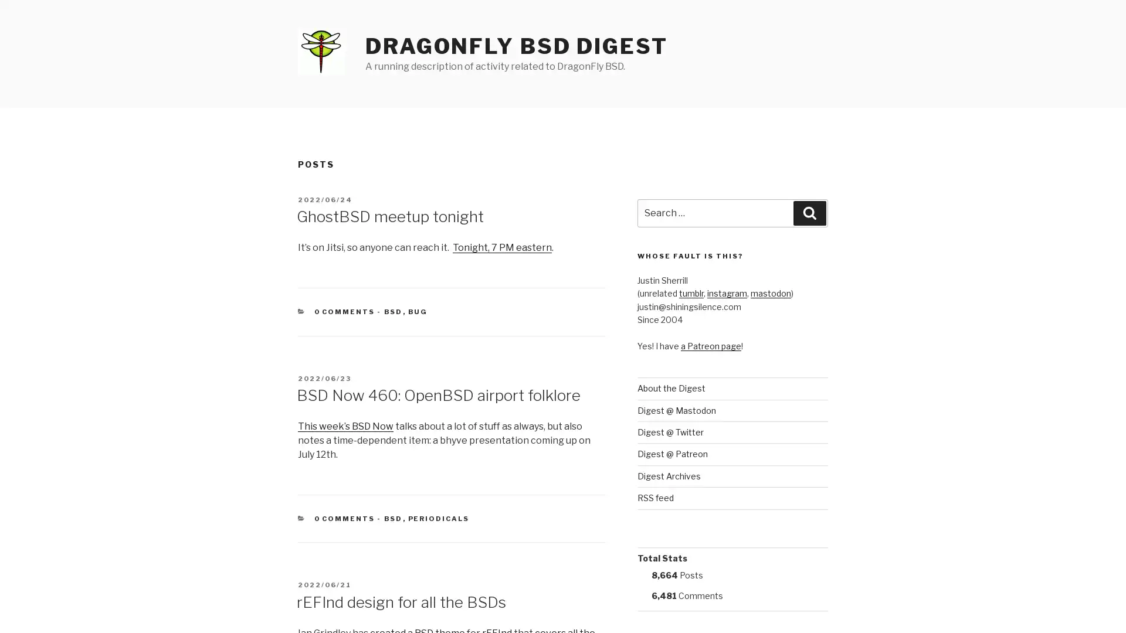 The image size is (1126, 633). Describe the element at coordinates (809, 213) in the screenshot. I see `Search` at that location.